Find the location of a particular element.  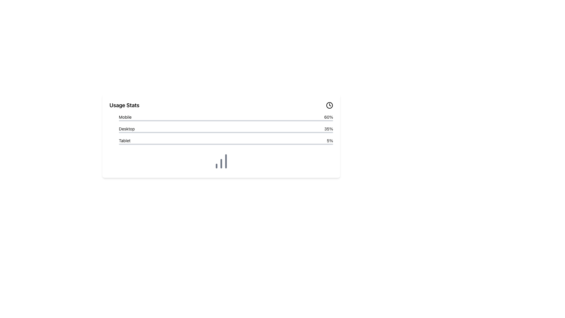

displayed text from the 'Tablet' category in the Usage Stats section, which shows a usage percentage of '5%' is located at coordinates (226, 141).